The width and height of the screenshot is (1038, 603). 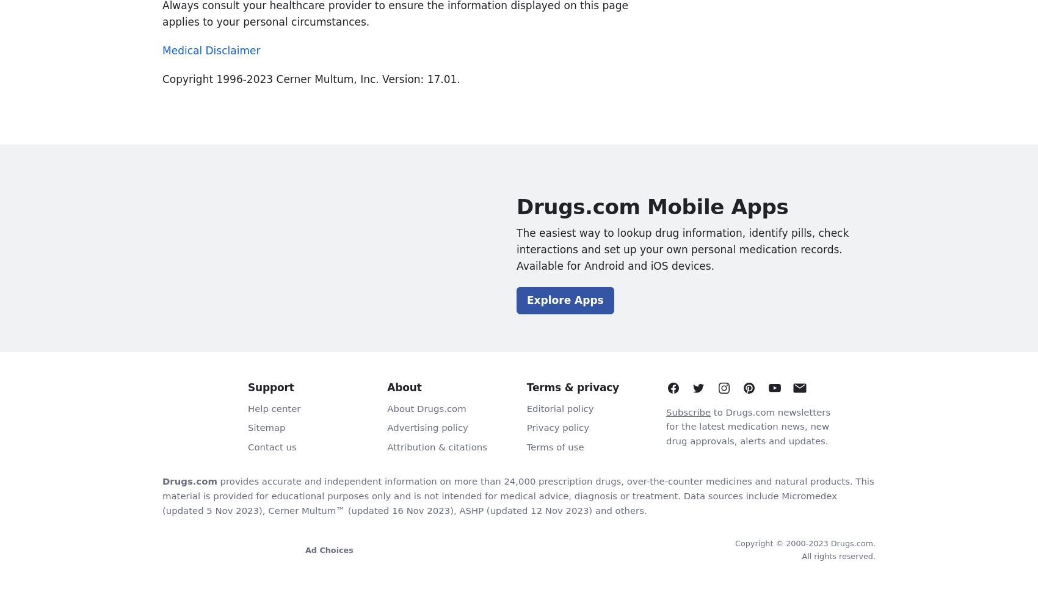 I want to click on 'All rights reserved.', so click(x=802, y=555).